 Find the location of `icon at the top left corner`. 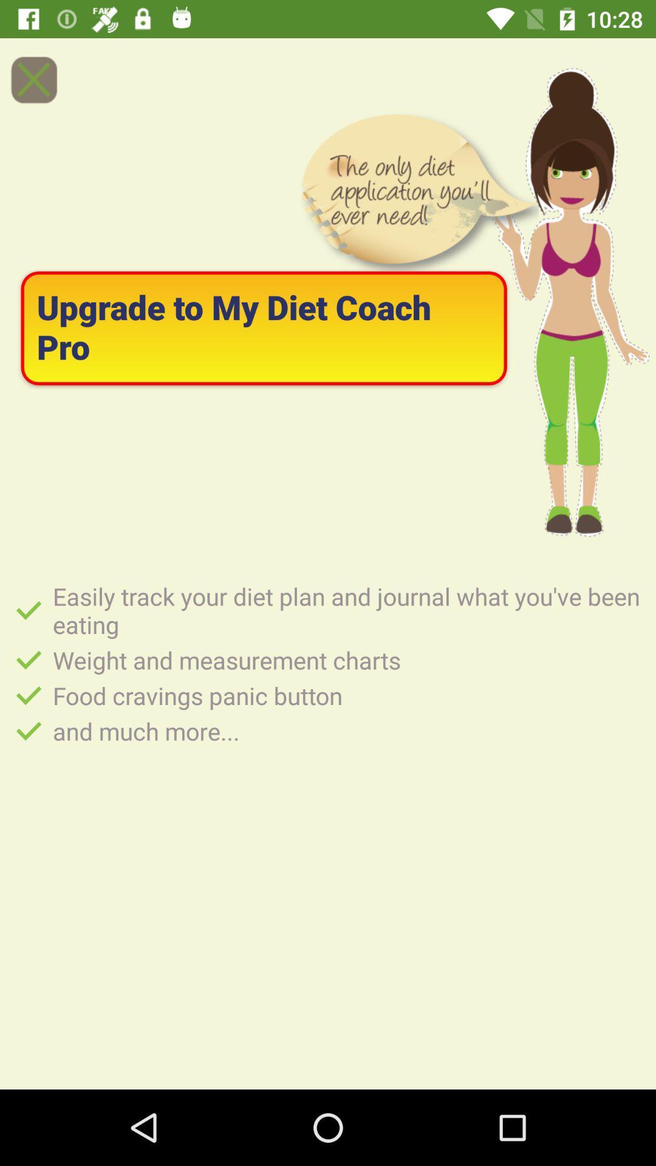

icon at the top left corner is located at coordinates (33, 79).